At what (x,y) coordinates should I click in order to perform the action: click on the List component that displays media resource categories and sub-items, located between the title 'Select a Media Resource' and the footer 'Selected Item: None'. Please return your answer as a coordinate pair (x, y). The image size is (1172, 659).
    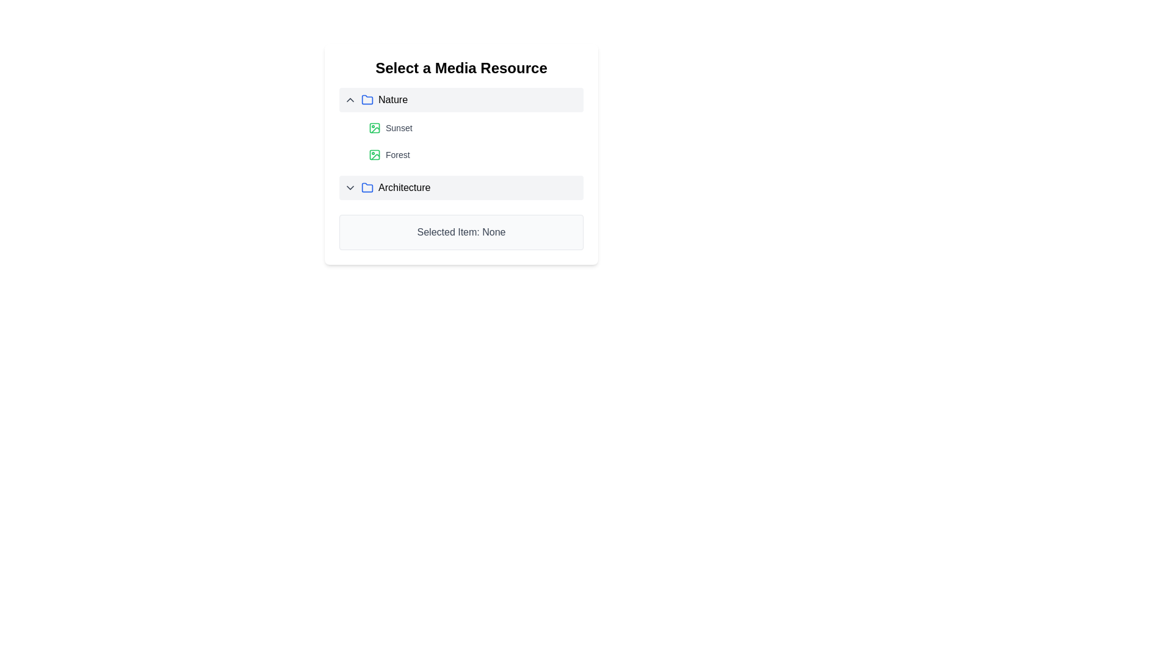
    Looking at the image, I should click on (460, 143).